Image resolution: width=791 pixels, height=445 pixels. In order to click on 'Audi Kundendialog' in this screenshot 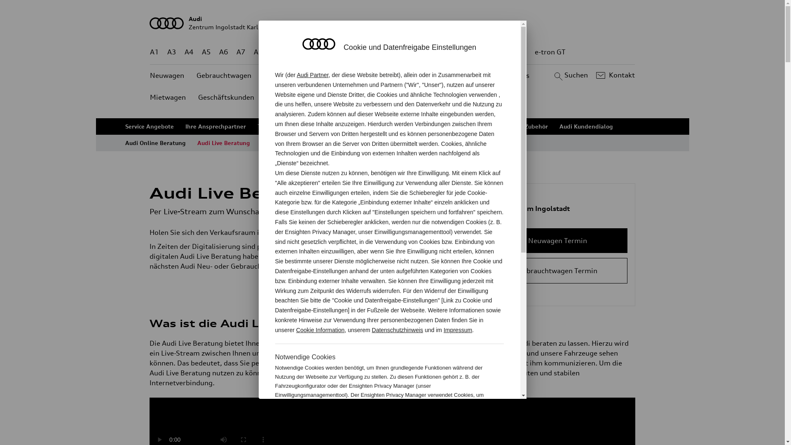, I will do `click(585, 126)`.